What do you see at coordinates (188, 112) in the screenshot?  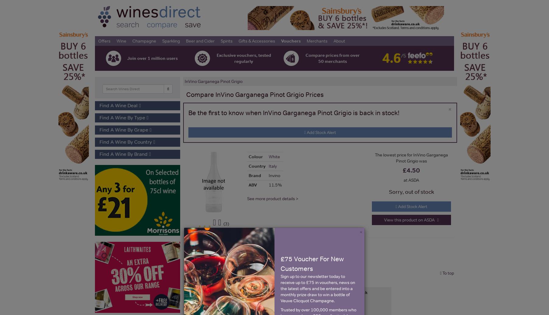 I see `'Be the first to know when InVino Garganega Pinot Grigio is back in stock!'` at bounding box center [188, 112].